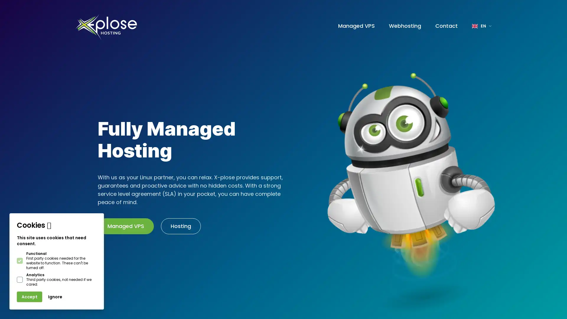 The height and width of the screenshot is (319, 567). Describe the element at coordinates (29, 297) in the screenshot. I see `Accept` at that location.